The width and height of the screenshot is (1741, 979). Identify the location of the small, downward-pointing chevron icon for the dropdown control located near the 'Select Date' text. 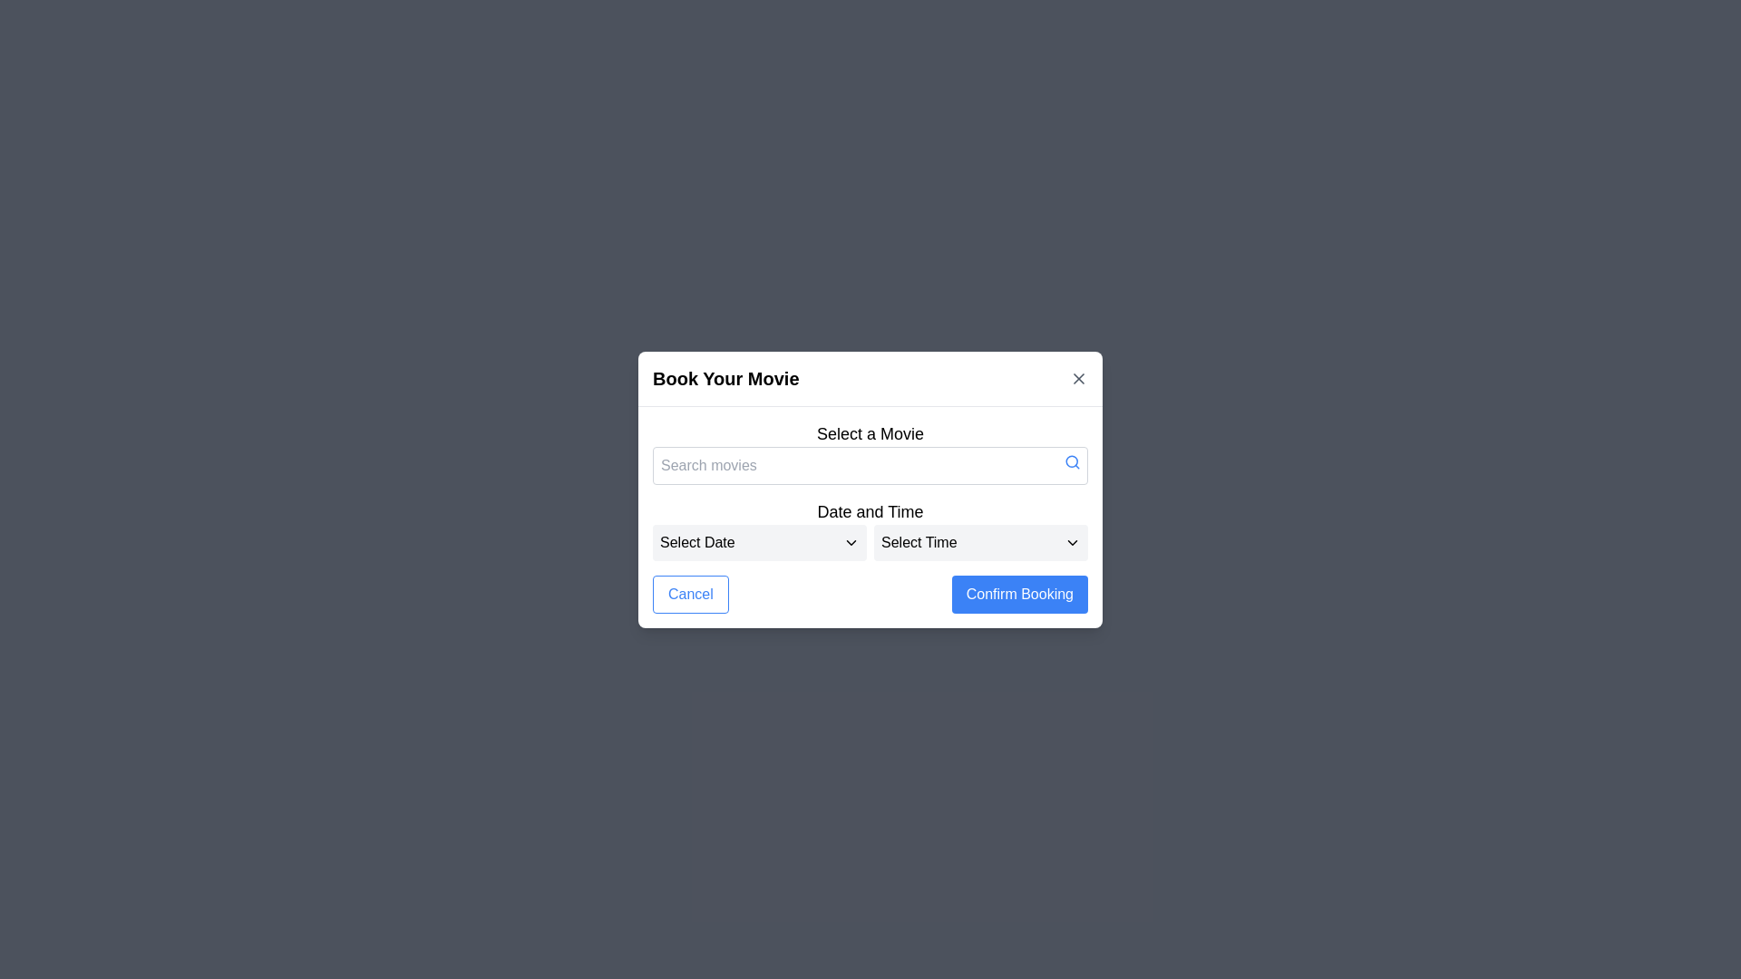
(851, 541).